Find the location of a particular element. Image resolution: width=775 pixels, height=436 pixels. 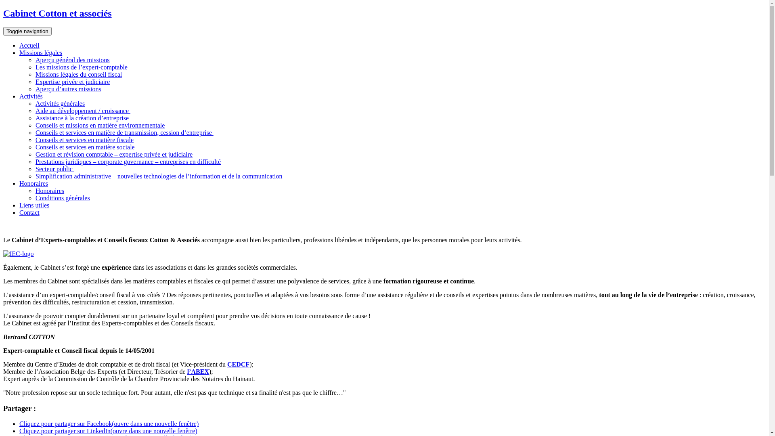

'Liens utiles' is located at coordinates (34, 205).